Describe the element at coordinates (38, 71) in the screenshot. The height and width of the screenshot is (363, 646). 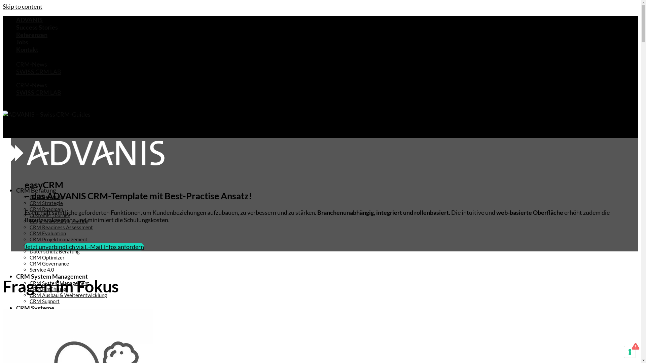
I see `'SWISS CRM LAB'` at that location.